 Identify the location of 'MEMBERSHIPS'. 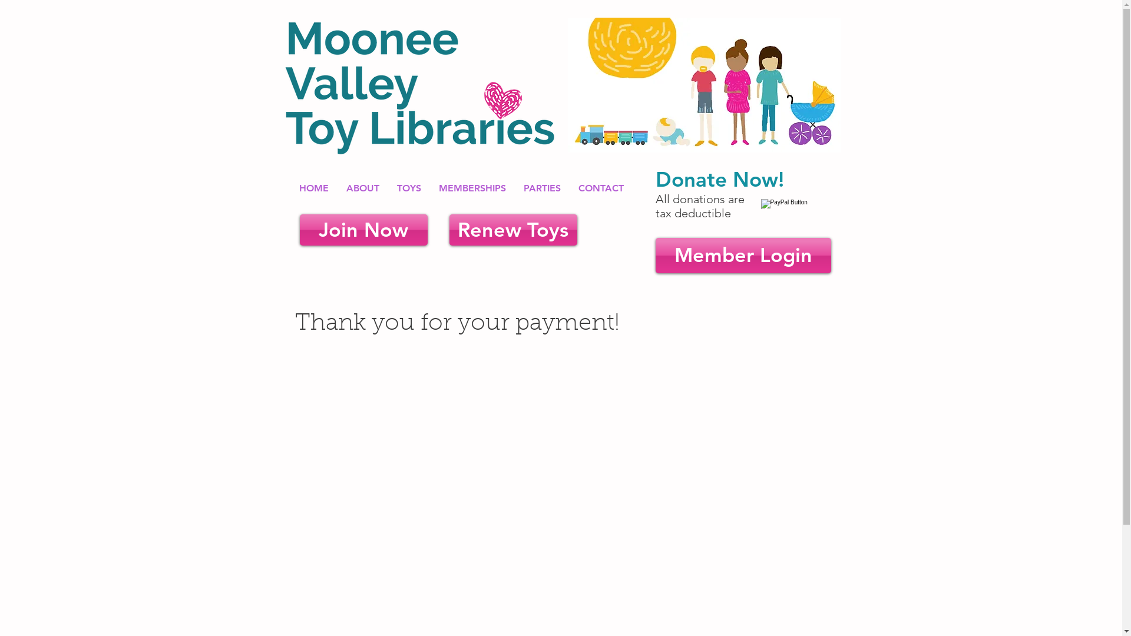
(472, 187).